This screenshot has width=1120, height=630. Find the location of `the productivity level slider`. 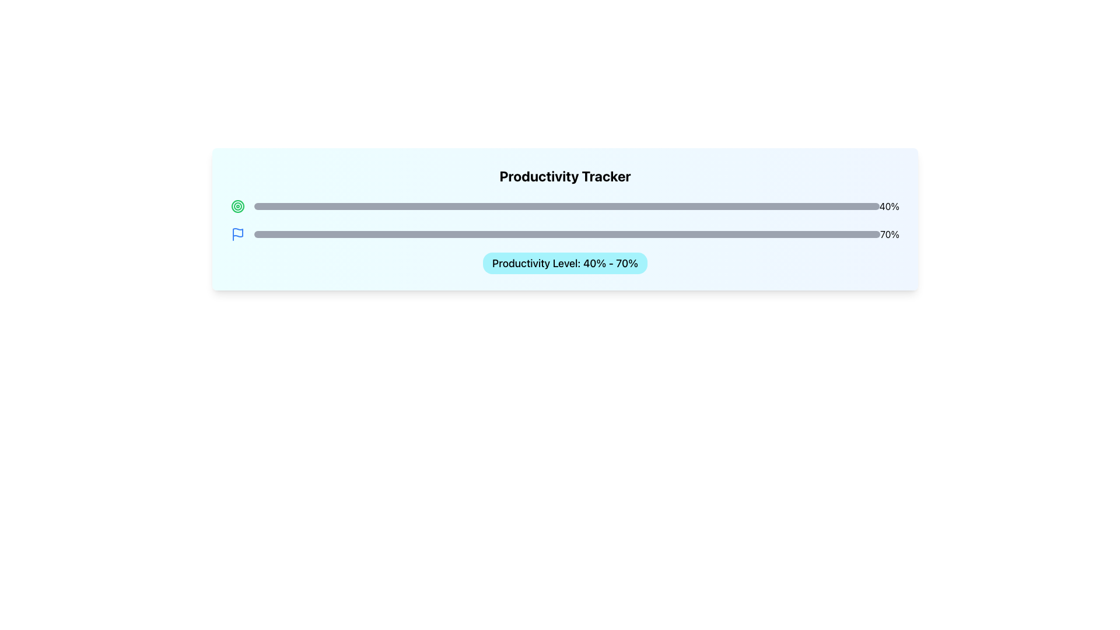

the productivity level slider is located at coordinates (842, 206).